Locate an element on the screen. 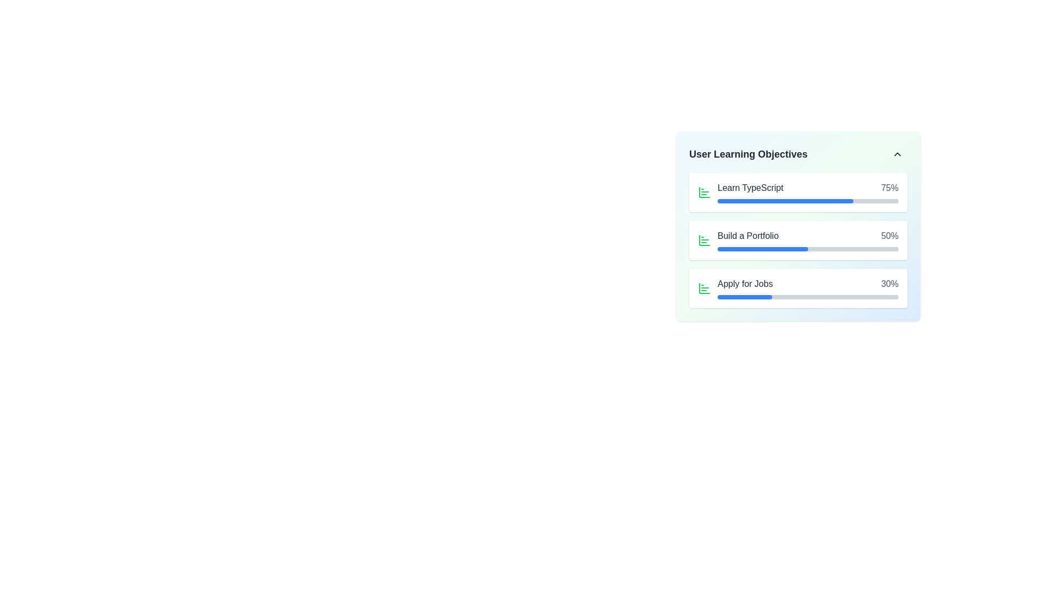 The image size is (1047, 589). the blue progress bar indicating the progress for 'Build a Portfolio', which is located in the second row of progress indicators is located at coordinates (762, 249).